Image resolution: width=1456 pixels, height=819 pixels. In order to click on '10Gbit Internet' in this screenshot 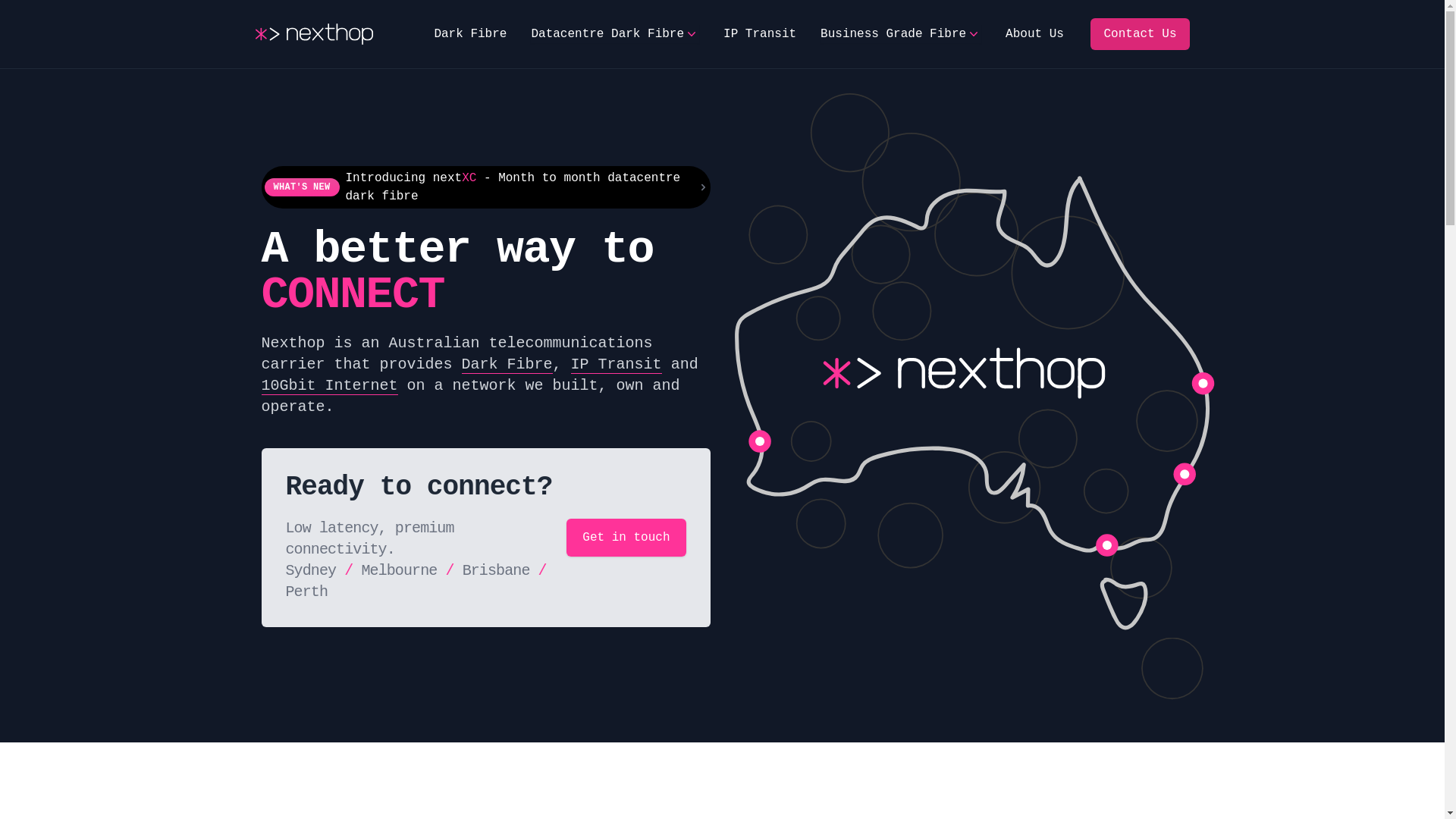, I will do `click(328, 385)`.